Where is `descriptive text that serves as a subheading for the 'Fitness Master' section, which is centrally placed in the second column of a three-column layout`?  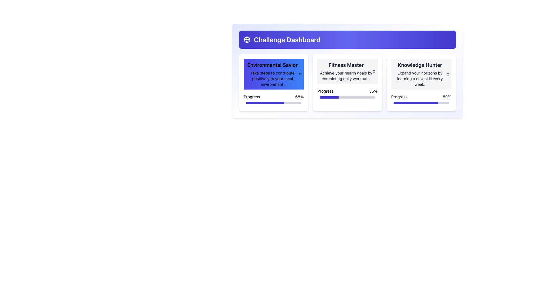
descriptive text that serves as a subheading for the 'Fitness Master' section, which is centrally placed in the second column of a three-column layout is located at coordinates (346, 75).